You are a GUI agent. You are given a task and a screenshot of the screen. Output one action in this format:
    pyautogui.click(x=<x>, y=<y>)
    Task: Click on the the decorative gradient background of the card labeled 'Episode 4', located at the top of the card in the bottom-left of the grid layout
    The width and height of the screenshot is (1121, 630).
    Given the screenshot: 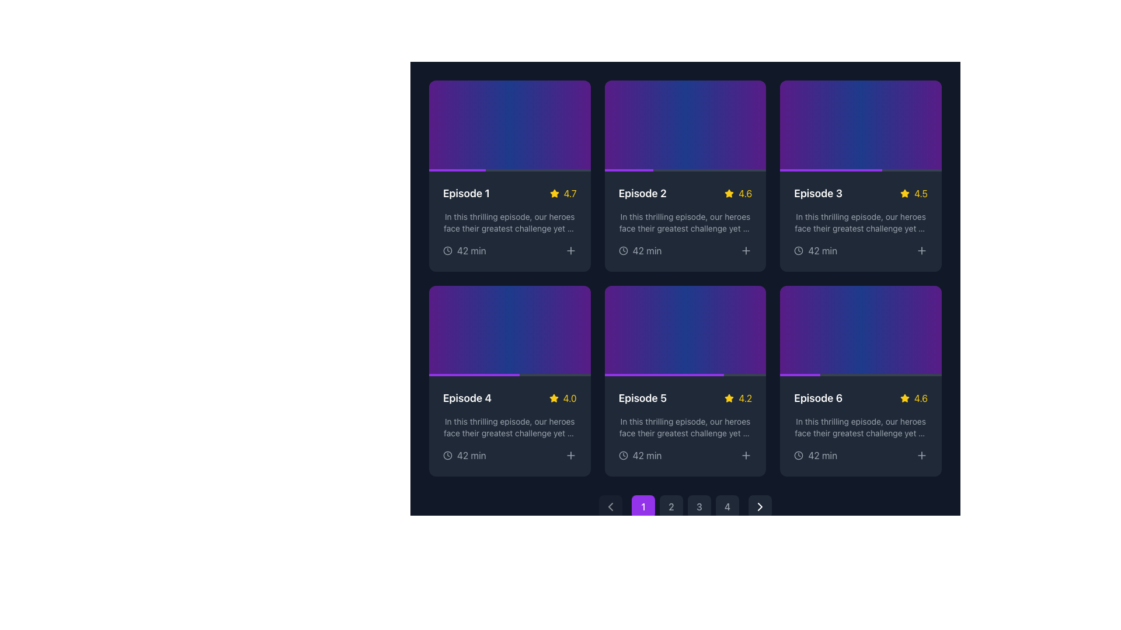 What is the action you would take?
    pyautogui.click(x=510, y=331)
    